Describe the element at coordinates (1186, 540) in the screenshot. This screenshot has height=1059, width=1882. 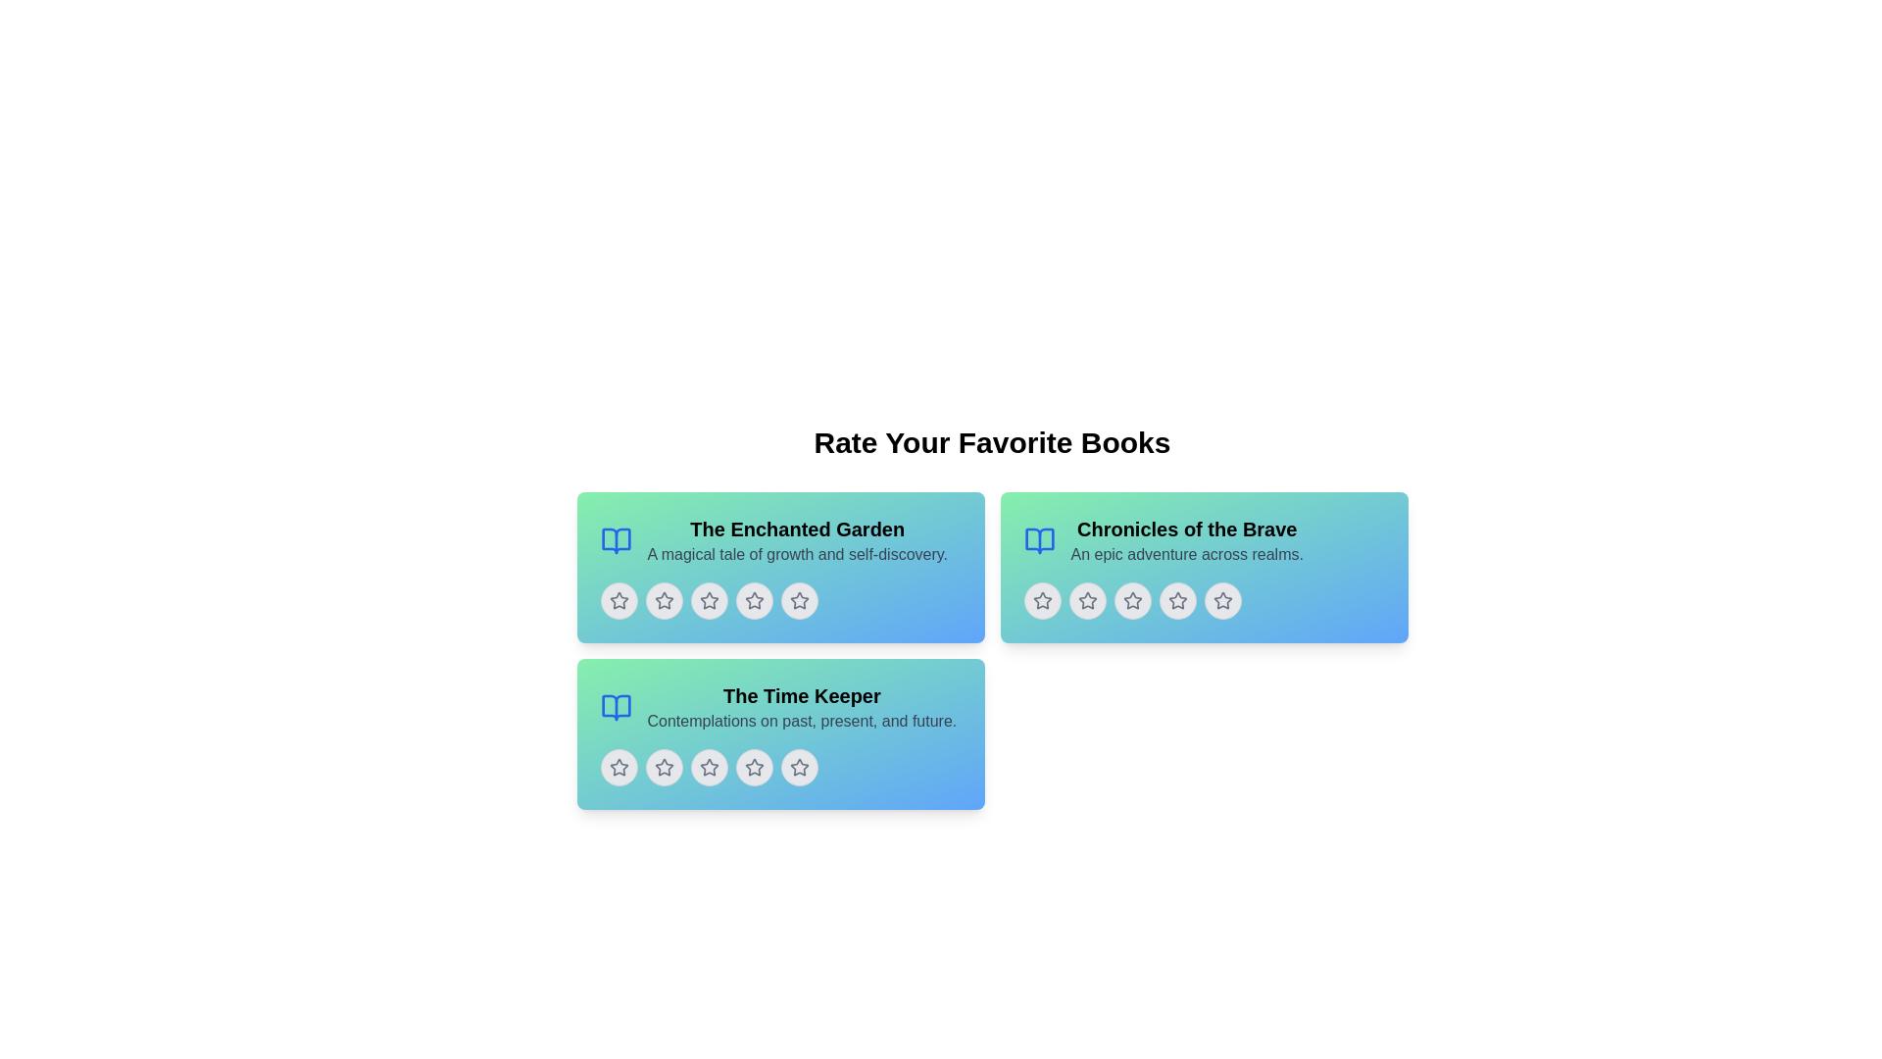
I see `the informational display text block that presents the title and description of the book 'Chronicles of the Brave' located in the top right card of a three-card layout` at that location.